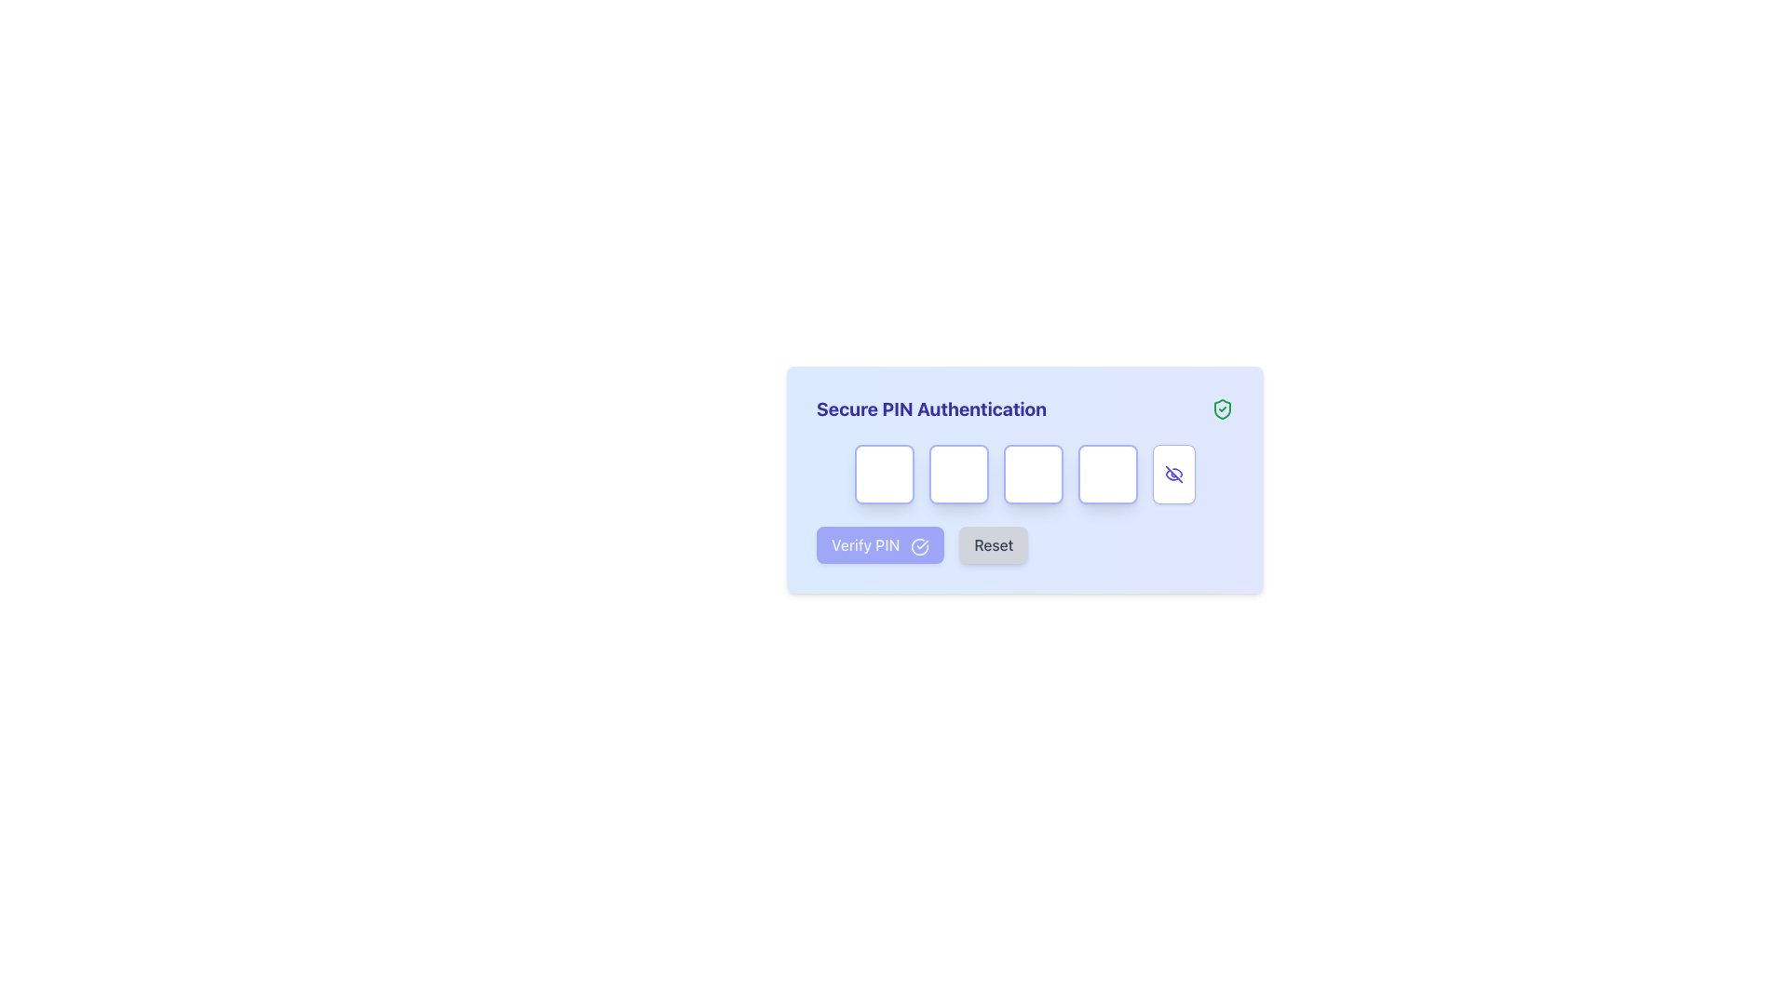 This screenshot has height=1005, width=1788. Describe the element at coordinates (1223, 408) in the screenshot. I see `the shield icon with a checkmark that indicates successful validation for the 'Secure PIN Authentication' process, located at the rightmost part of the header section` at that location.